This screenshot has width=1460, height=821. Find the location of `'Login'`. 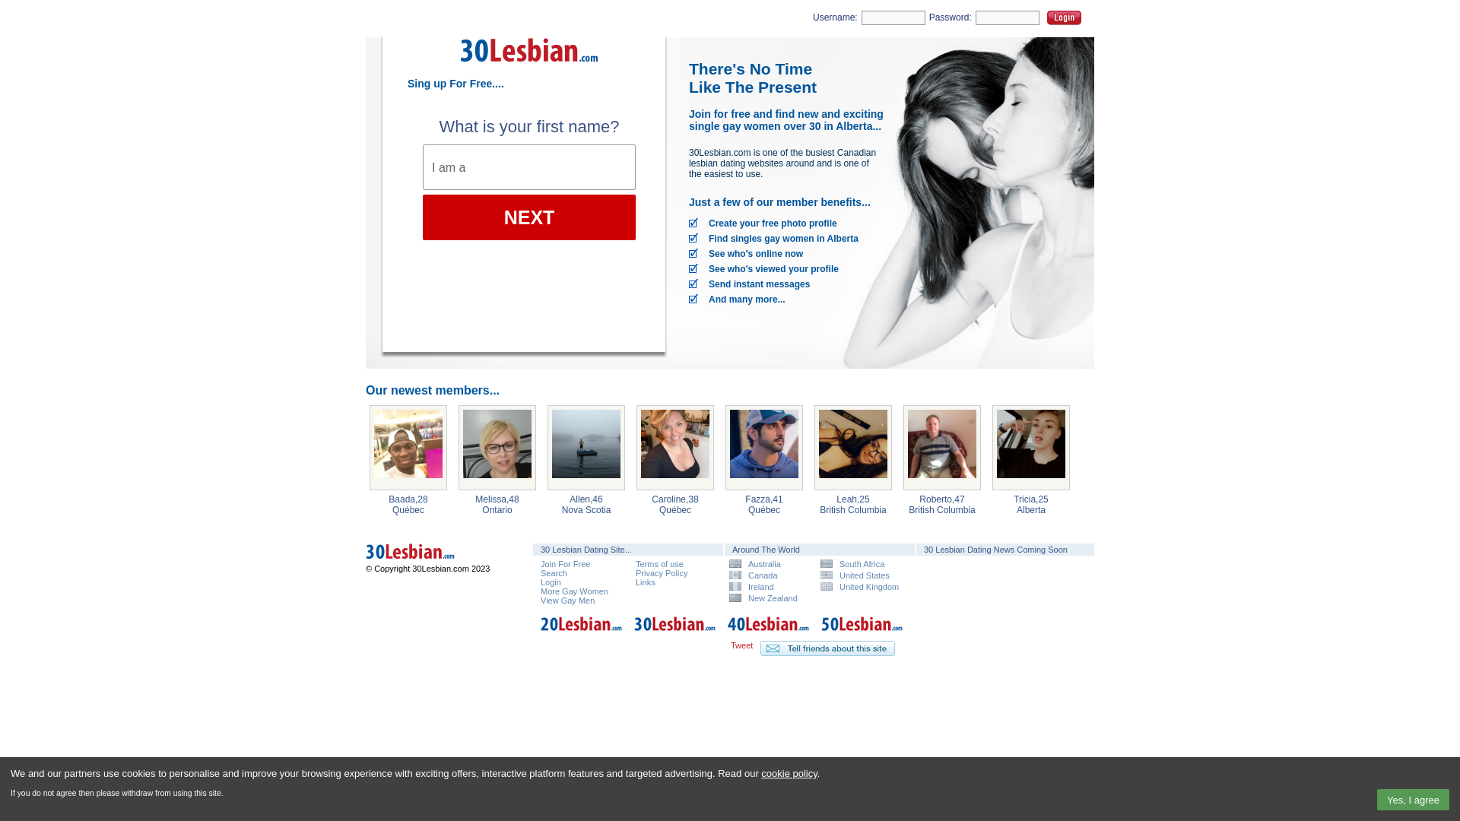

'Login' is located at coordinates (550, 582).